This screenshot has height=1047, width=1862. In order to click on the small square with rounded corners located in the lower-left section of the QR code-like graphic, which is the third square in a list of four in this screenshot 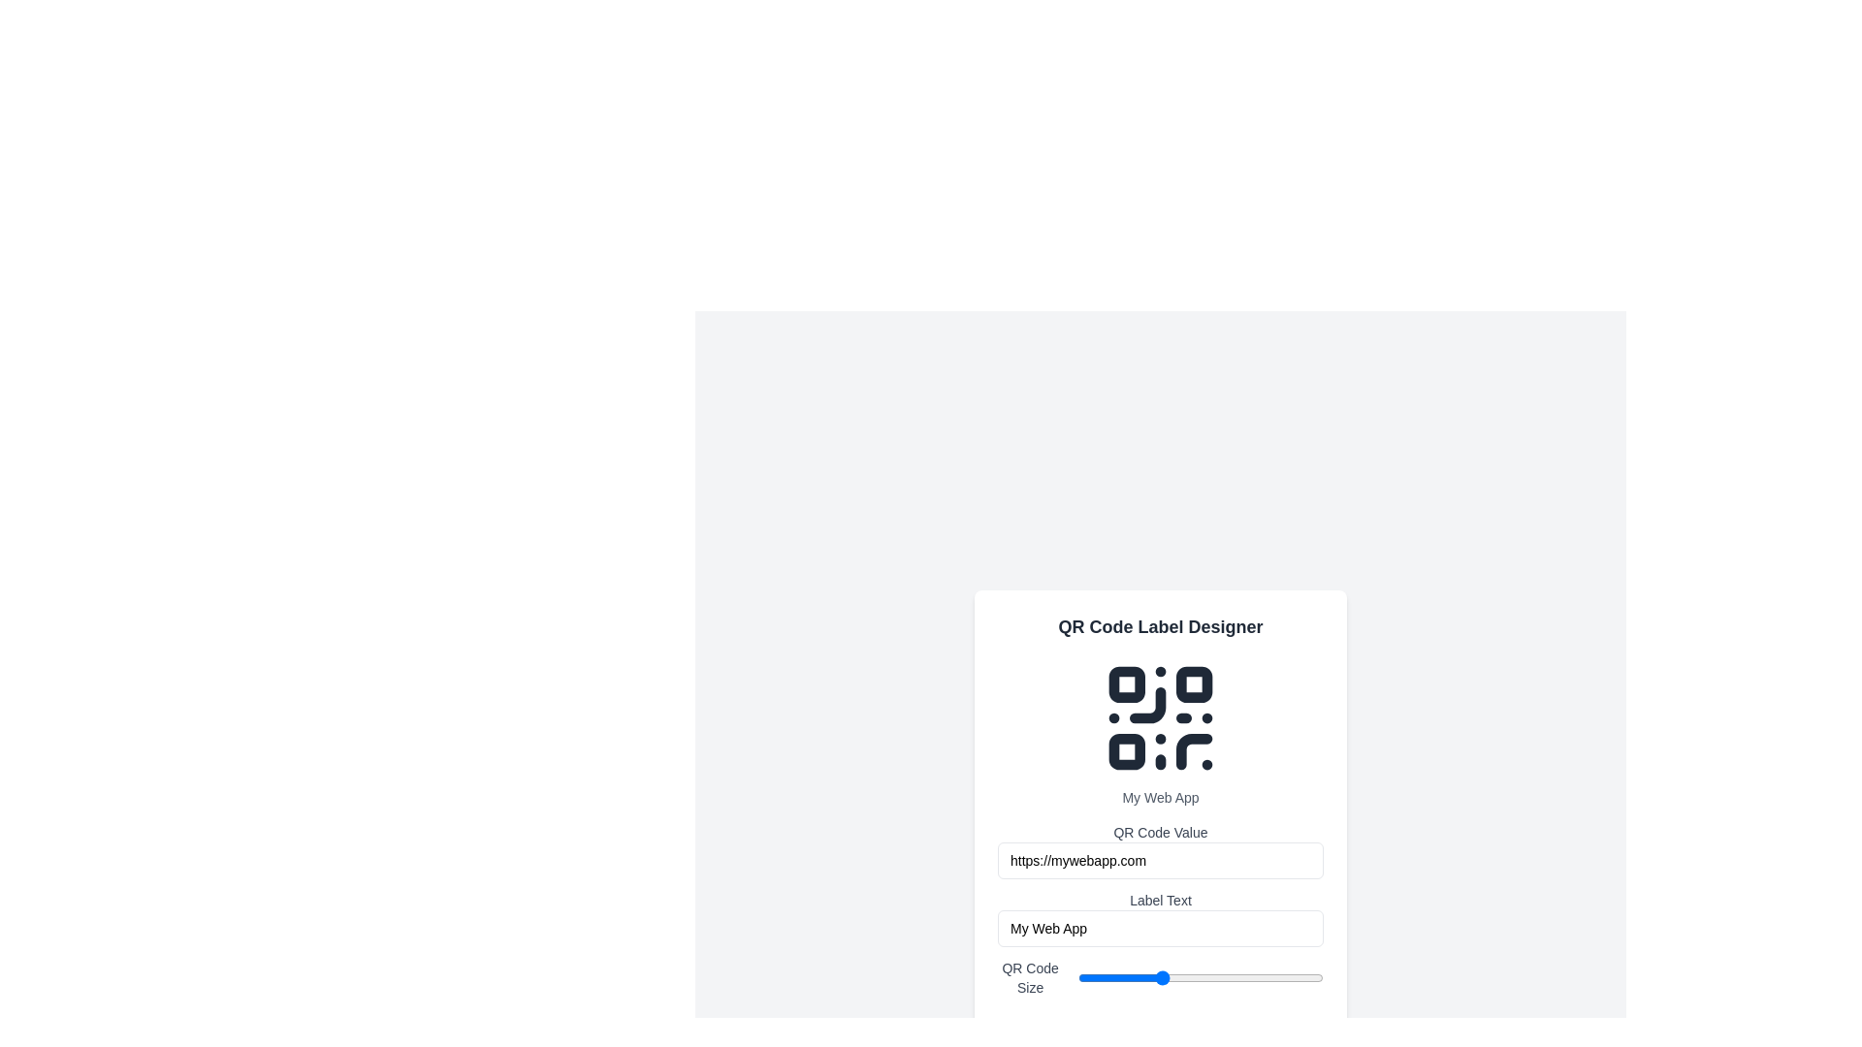, I will do `click(1127, 750)`.